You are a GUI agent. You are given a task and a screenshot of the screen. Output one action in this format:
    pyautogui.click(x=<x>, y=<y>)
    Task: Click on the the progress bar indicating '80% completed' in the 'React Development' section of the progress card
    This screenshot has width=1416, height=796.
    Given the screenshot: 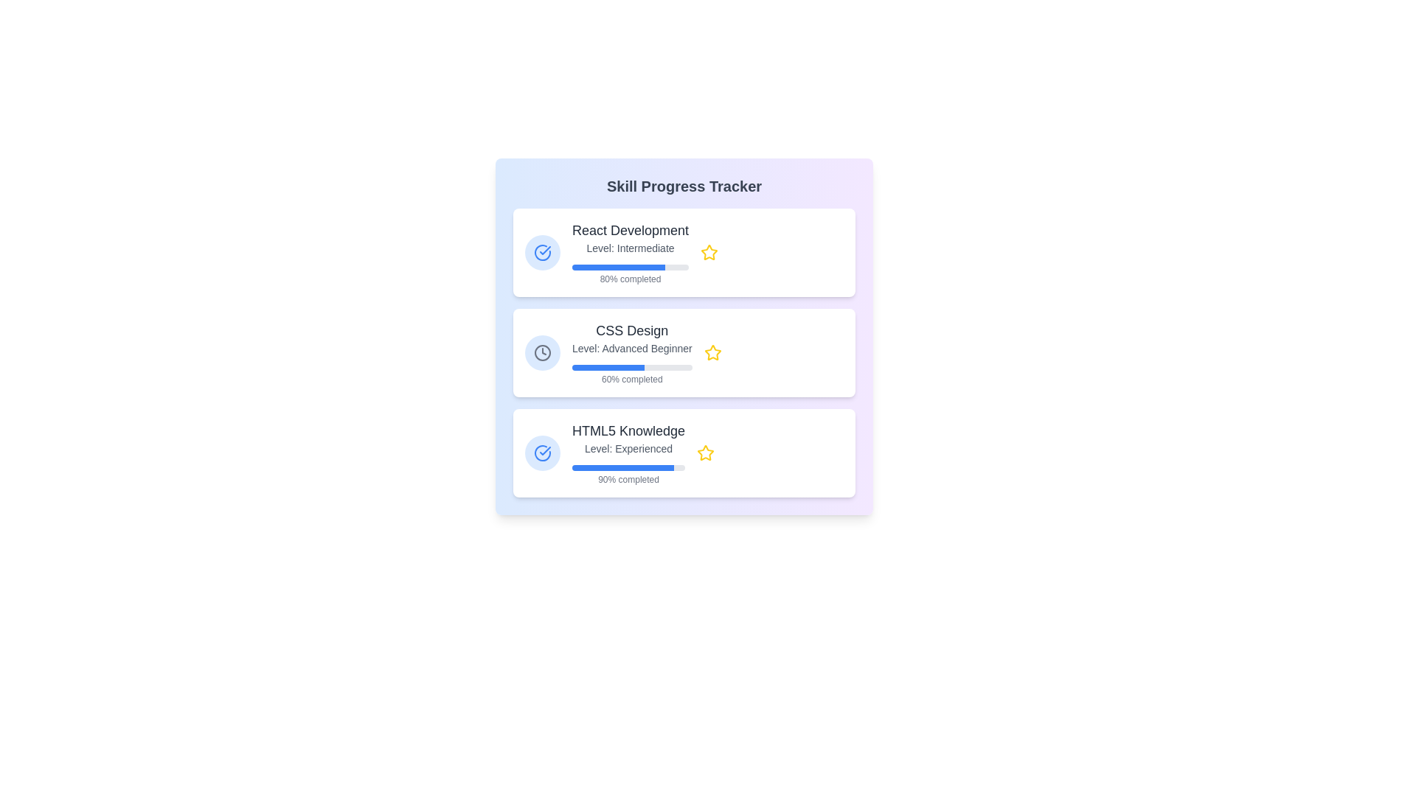 What is the action you would take?
    pyautogui.click(x=630, y=273)
    